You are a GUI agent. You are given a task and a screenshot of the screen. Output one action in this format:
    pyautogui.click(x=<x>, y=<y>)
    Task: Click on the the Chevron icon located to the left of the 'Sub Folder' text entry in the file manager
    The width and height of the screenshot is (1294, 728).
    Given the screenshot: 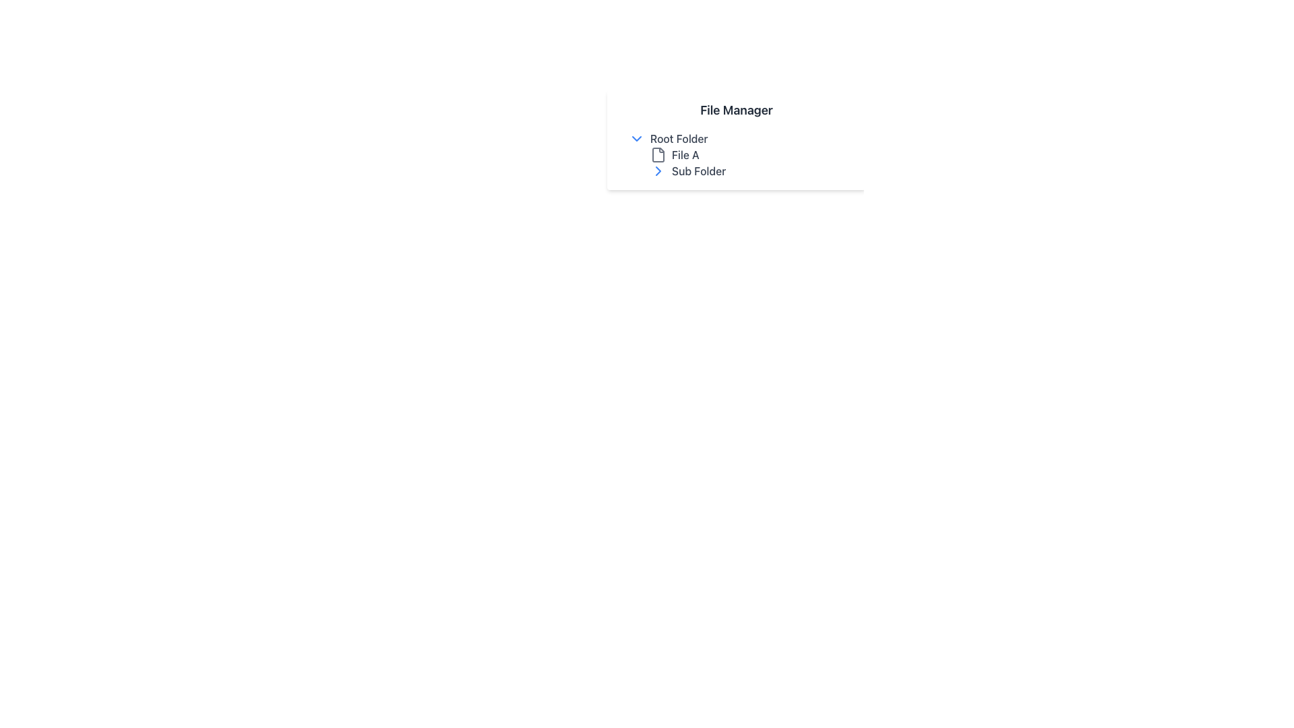 What is the action you would take?
    pyautogui.click(x=658, y=171)
    